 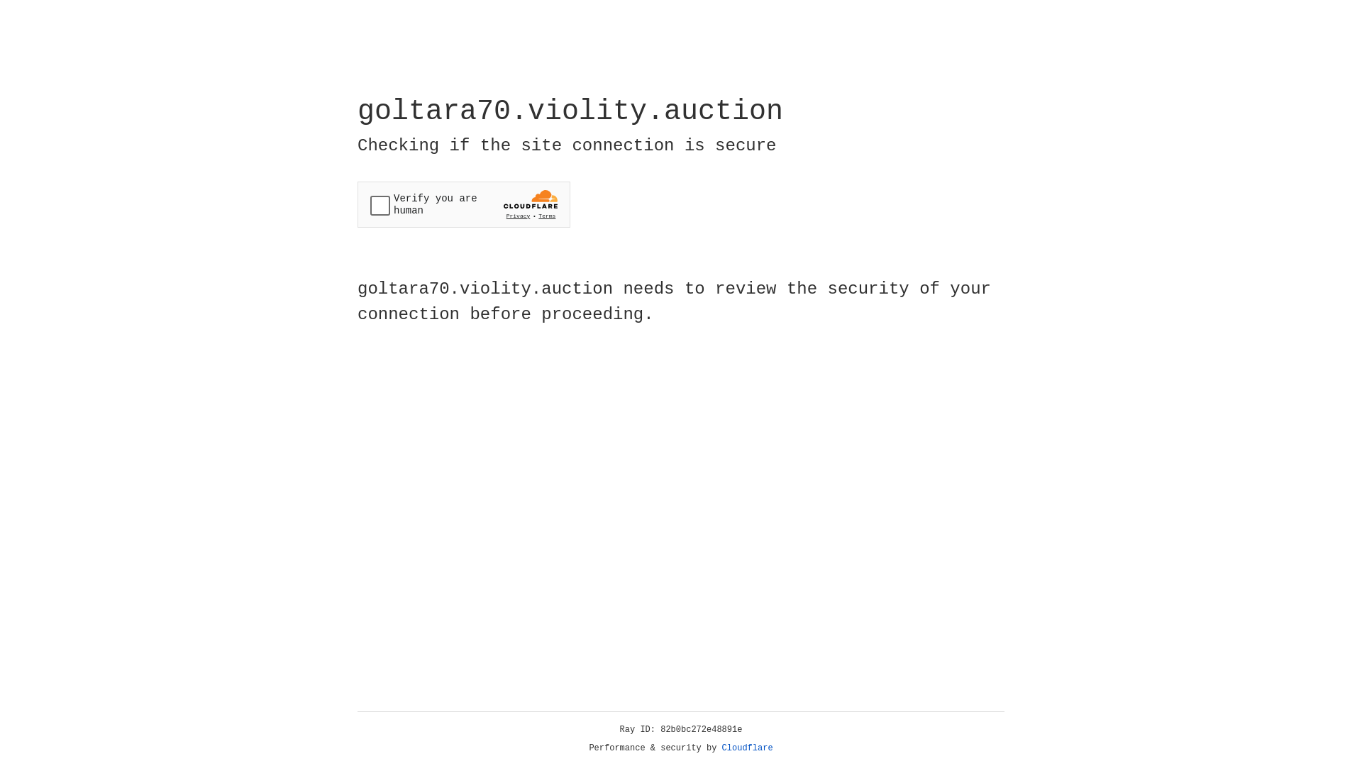 I want to click on 'Widget containing a Cloudflare security challenge', so click(x=463, y=204).